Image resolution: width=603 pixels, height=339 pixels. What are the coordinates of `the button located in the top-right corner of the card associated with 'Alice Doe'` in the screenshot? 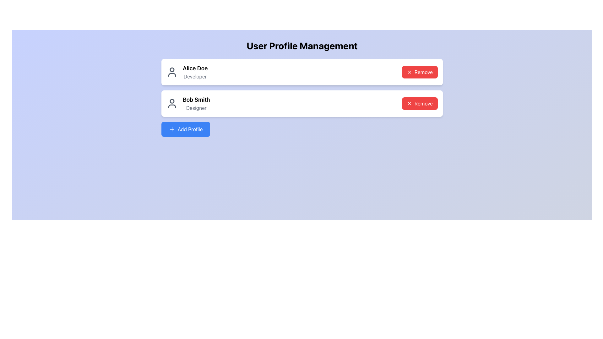 It's located at (420, 72).